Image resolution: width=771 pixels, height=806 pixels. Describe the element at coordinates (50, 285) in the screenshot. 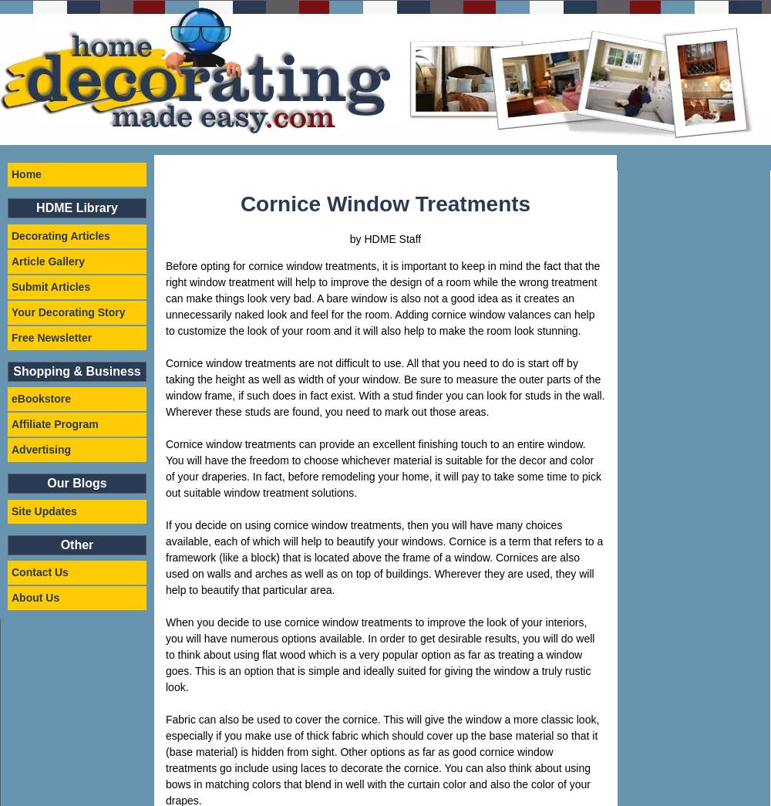

I see `'Submit Articles'` at that location.